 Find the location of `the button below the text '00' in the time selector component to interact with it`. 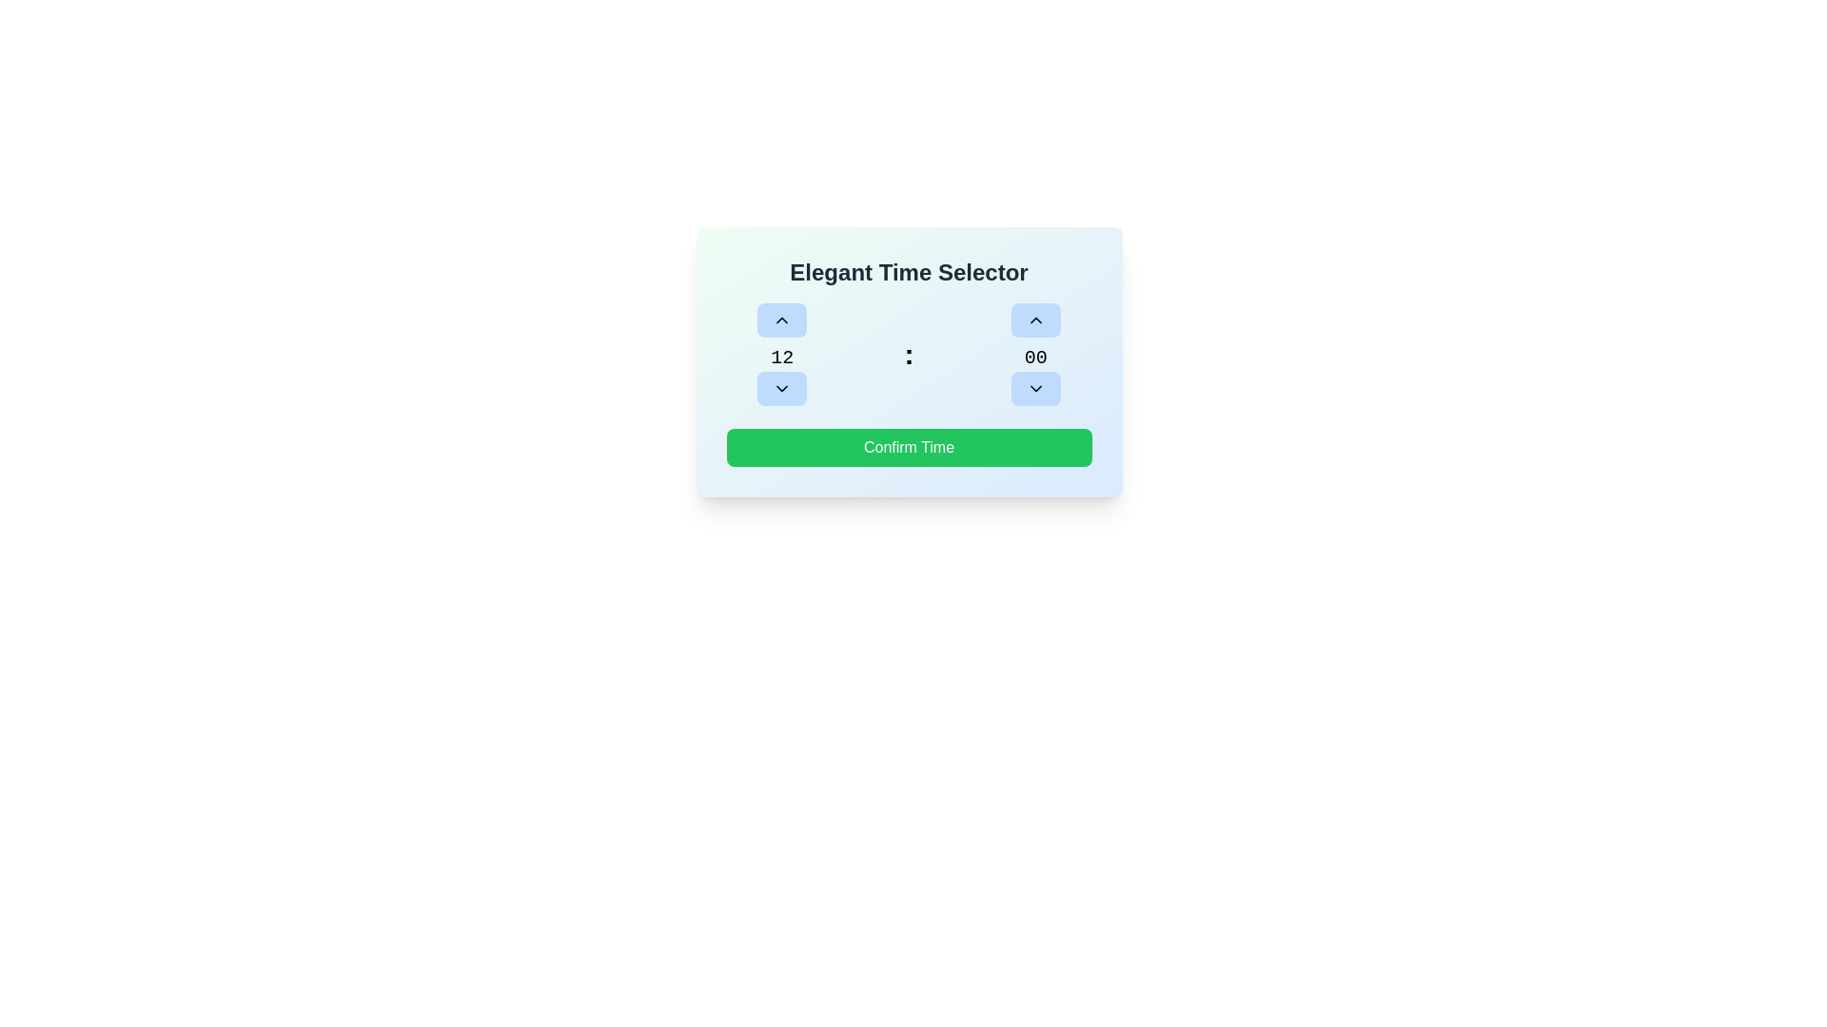

the button below the text '00' in the time selector component to interact with it is located at coordinates (1034, 387).